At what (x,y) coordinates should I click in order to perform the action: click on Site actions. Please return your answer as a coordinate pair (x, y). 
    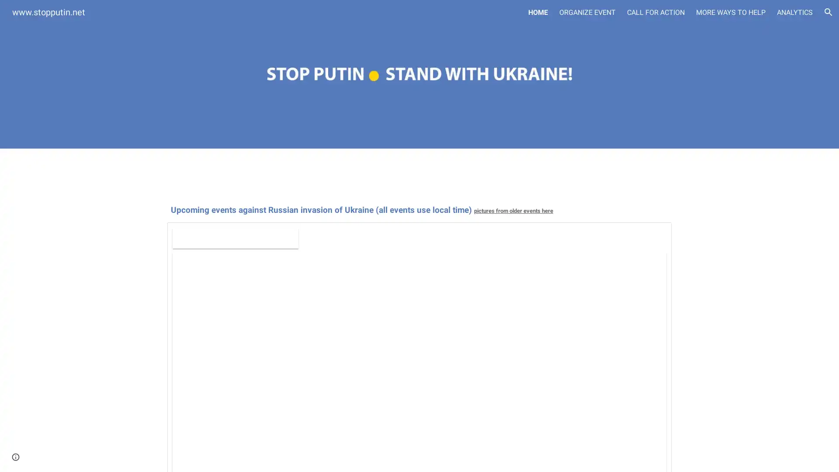
    Looking at the image, I should click on (15, 456).